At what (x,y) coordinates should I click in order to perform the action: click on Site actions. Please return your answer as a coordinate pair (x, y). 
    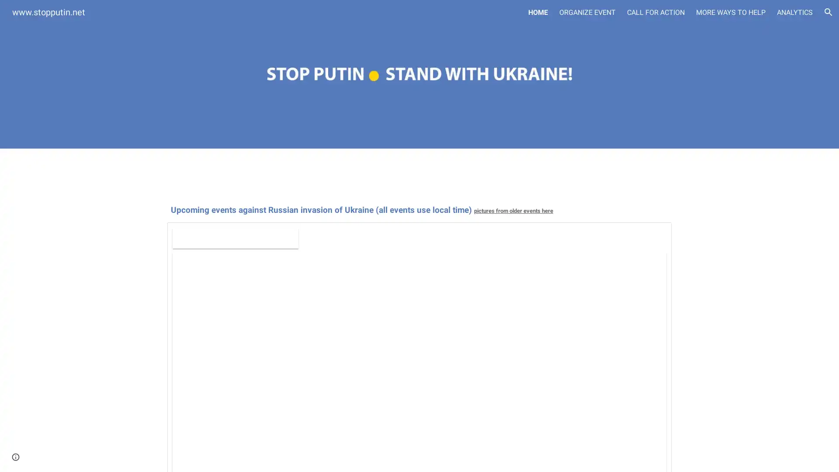
    Looking at the image, I should click on (15, 456).